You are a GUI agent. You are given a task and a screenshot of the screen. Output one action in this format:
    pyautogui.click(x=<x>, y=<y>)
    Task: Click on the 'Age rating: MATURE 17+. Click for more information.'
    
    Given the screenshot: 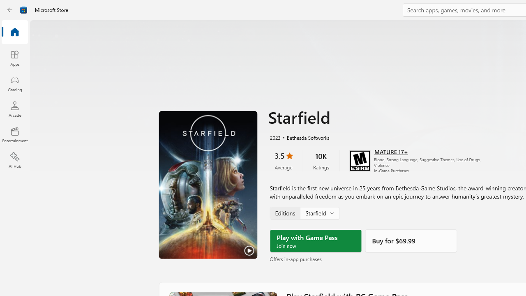 What is the action you would take?
    pyautogui.click(x=390, y=151)
    